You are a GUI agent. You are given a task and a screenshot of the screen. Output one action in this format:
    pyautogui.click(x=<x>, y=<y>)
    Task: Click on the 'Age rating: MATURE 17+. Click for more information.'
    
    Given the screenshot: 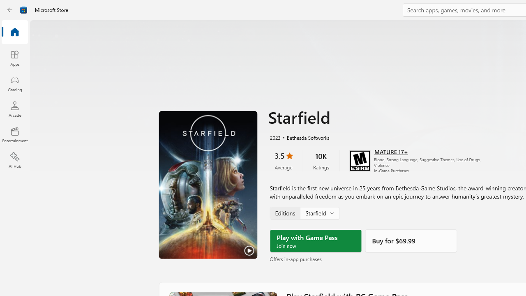 What is the action you would take?
    pyautogui.click(x=390, y=151)
    